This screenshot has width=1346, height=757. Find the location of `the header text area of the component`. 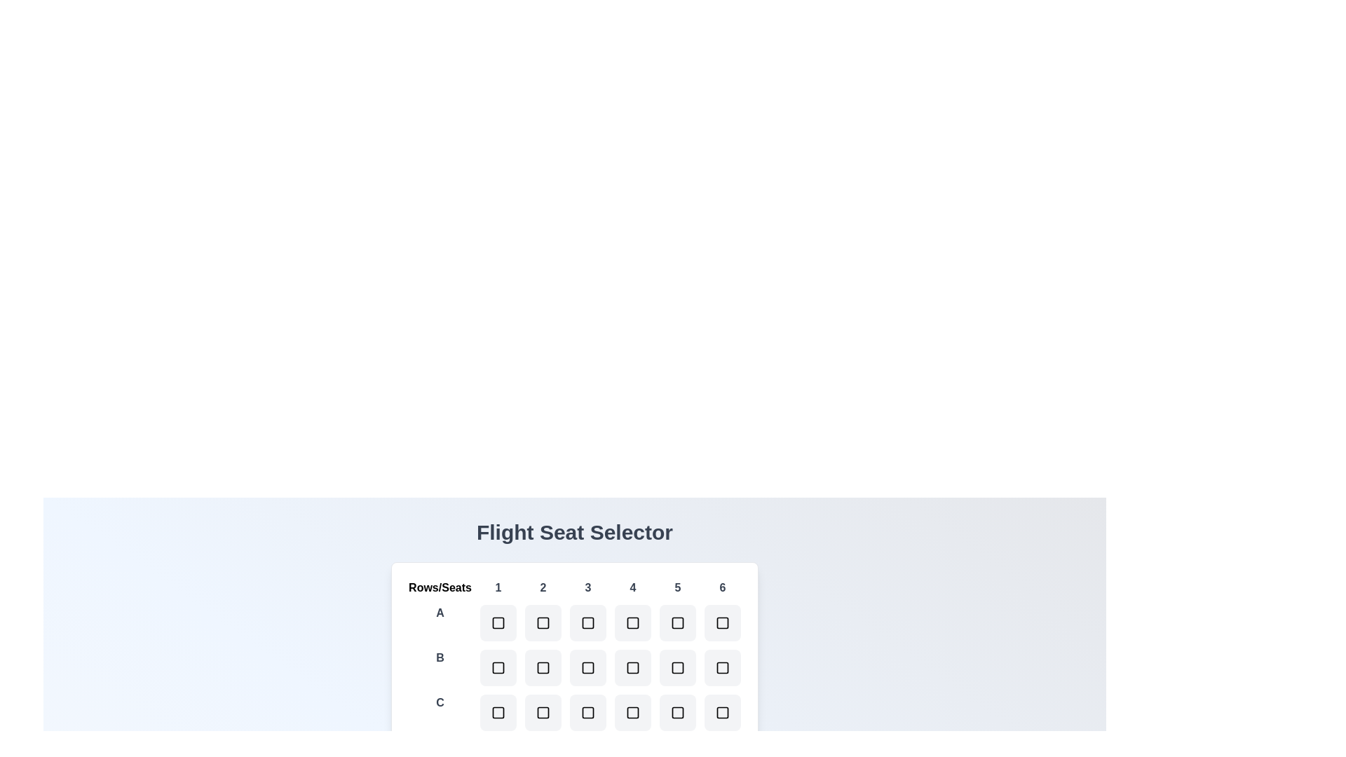

the header text area of the component is located at coordinates (575, 532).